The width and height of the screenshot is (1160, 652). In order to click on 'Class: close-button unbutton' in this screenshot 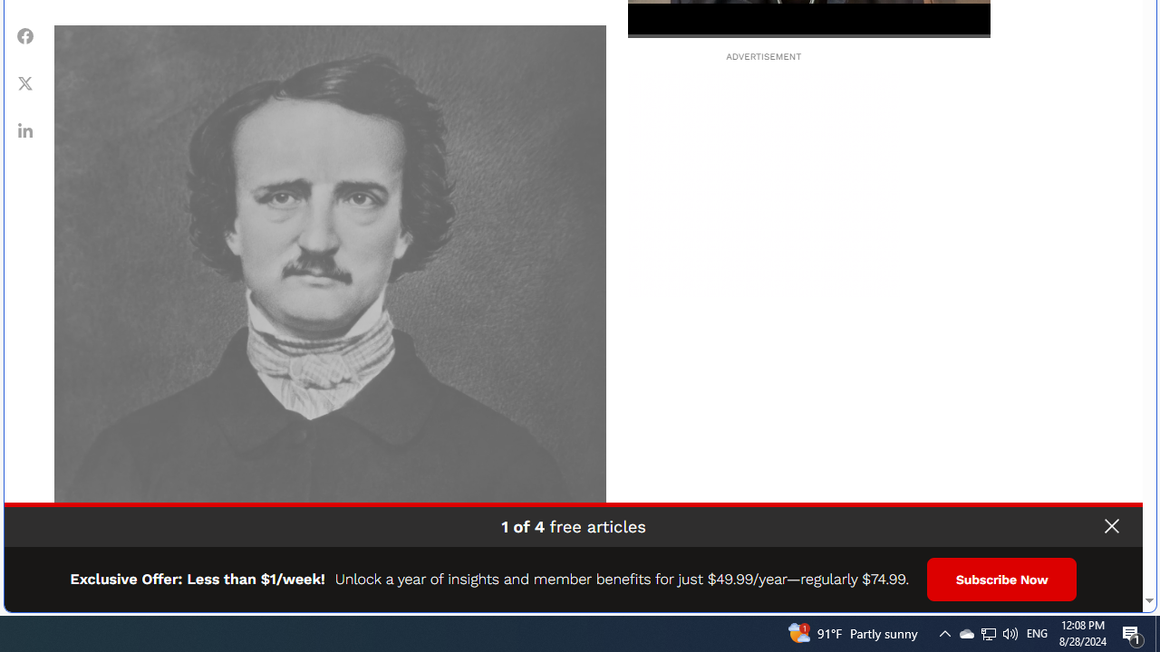, I will do `click(1110, 526)`.